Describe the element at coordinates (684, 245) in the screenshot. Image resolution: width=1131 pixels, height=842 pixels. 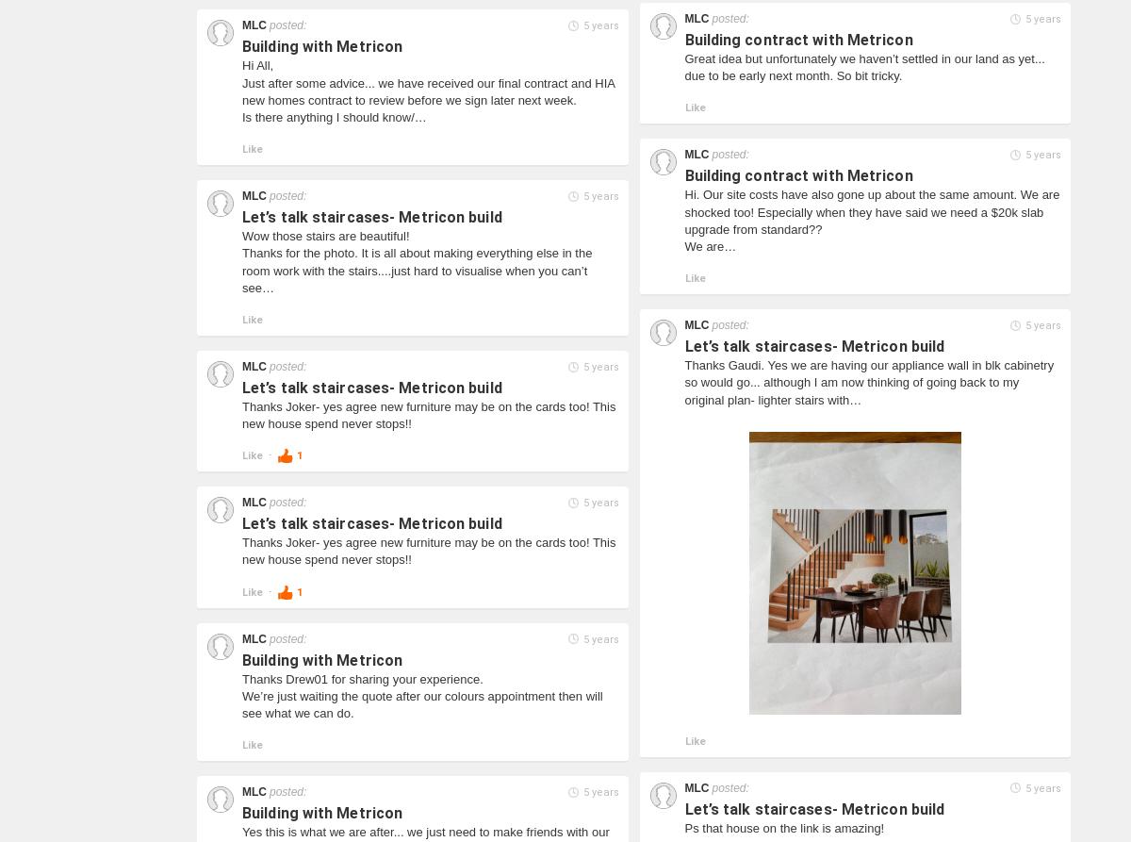
I see `'We are…'` at that location.